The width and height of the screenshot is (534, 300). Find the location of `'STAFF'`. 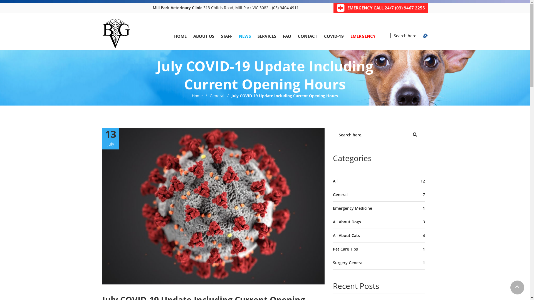

'STAFF' is located at coordinates (226, 36).